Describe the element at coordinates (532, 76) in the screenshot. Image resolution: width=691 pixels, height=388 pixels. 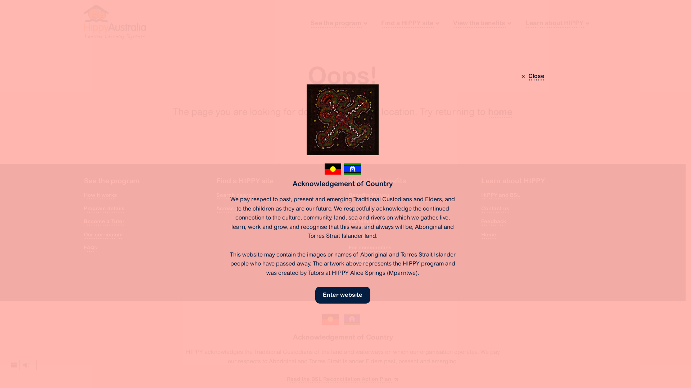
I see `'Close'` at that location.